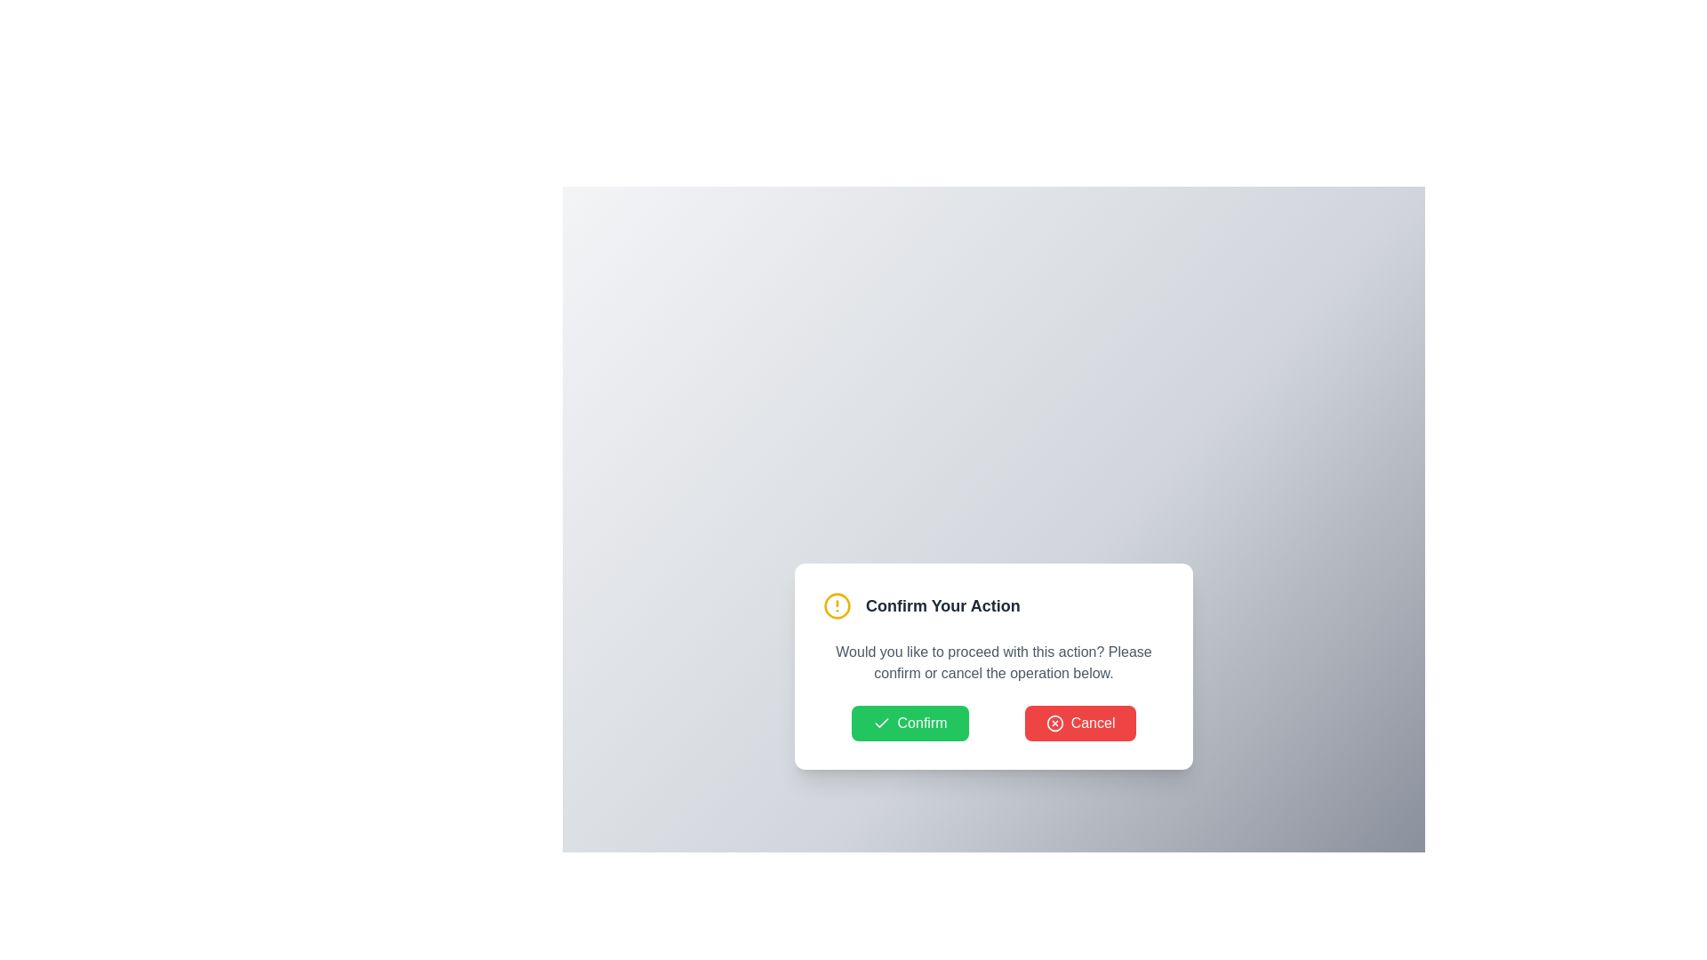  What do you see at coordinates (1079, 723) in the screenshot?
I see `the red 'Cancel' button with white text and an 'x' icon` at bounding box center [1079, 723].